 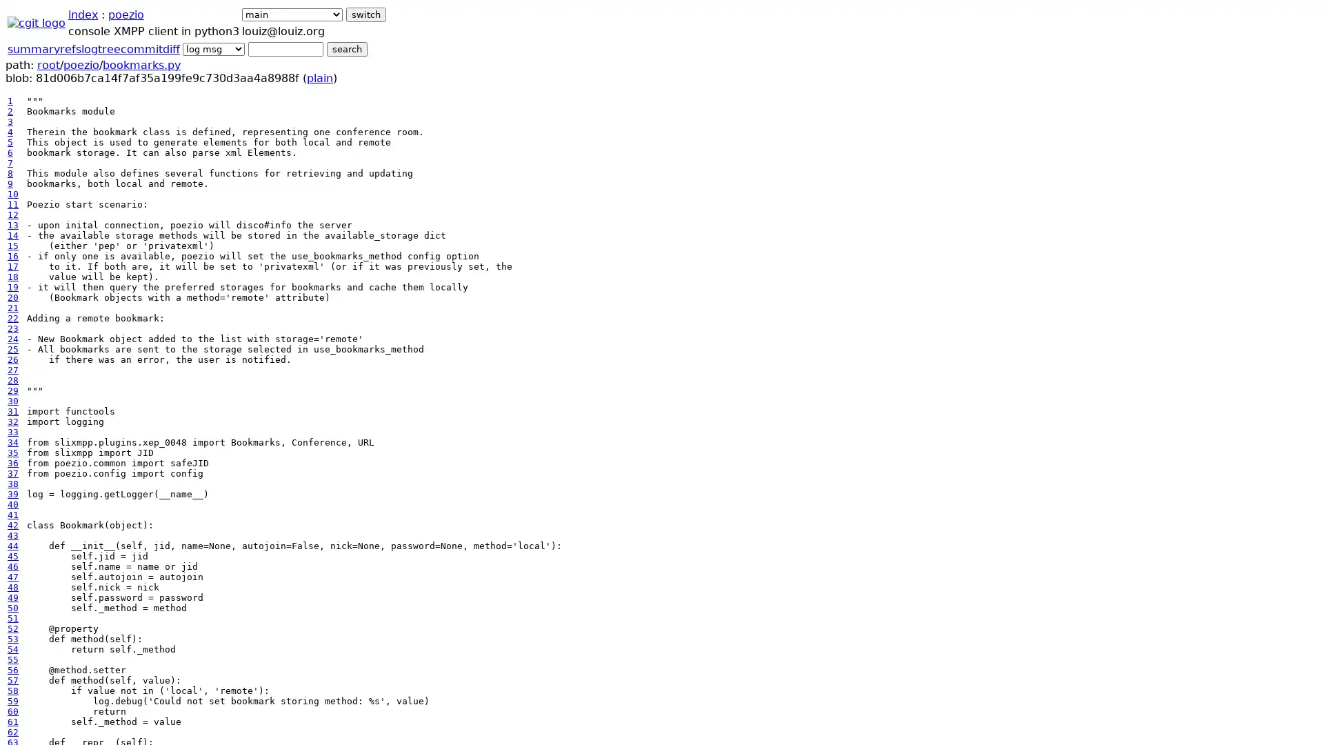 I want to click on search, so click(x=347, y=48).